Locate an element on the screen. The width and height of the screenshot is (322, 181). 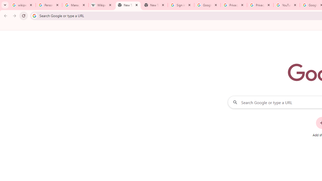
'Manage your Location History - Google Search Help' is located at coordinates (75, 5).